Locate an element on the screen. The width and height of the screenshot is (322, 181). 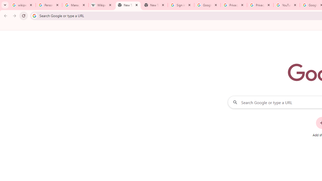
'Manage your Location History - Google Search Help' is located at coordinates (75, 5).